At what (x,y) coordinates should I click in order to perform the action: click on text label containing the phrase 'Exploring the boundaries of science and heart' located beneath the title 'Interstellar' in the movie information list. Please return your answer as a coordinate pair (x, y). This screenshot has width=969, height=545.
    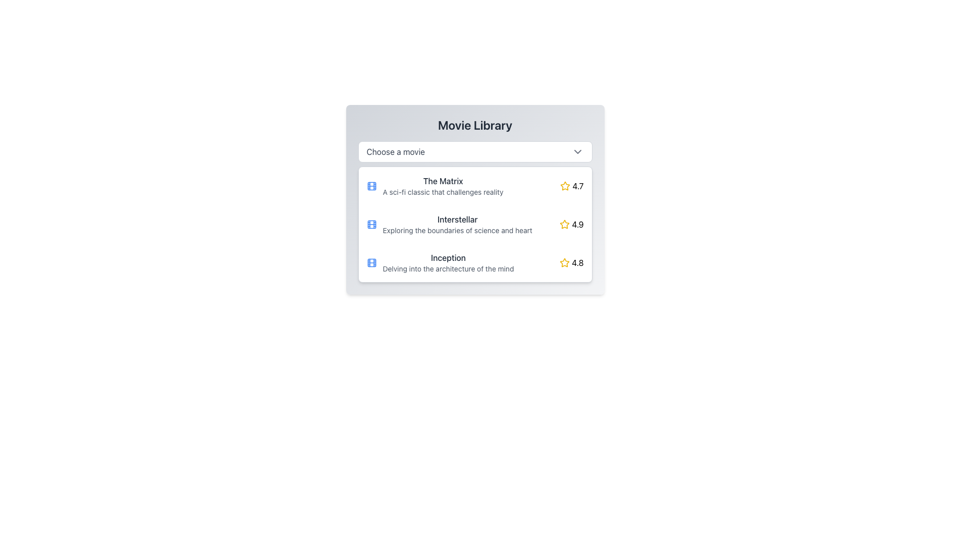
    Looking at the image, I should click on (457, 230).